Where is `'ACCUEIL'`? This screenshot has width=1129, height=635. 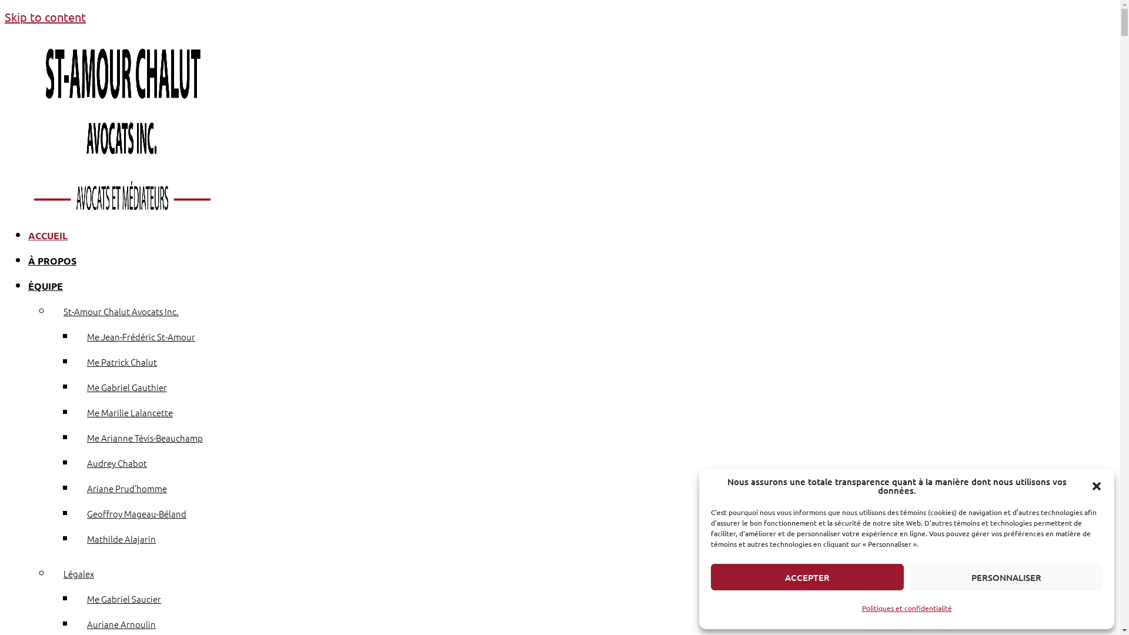 'ACCUEIL' is located at coordinates (47, 235).